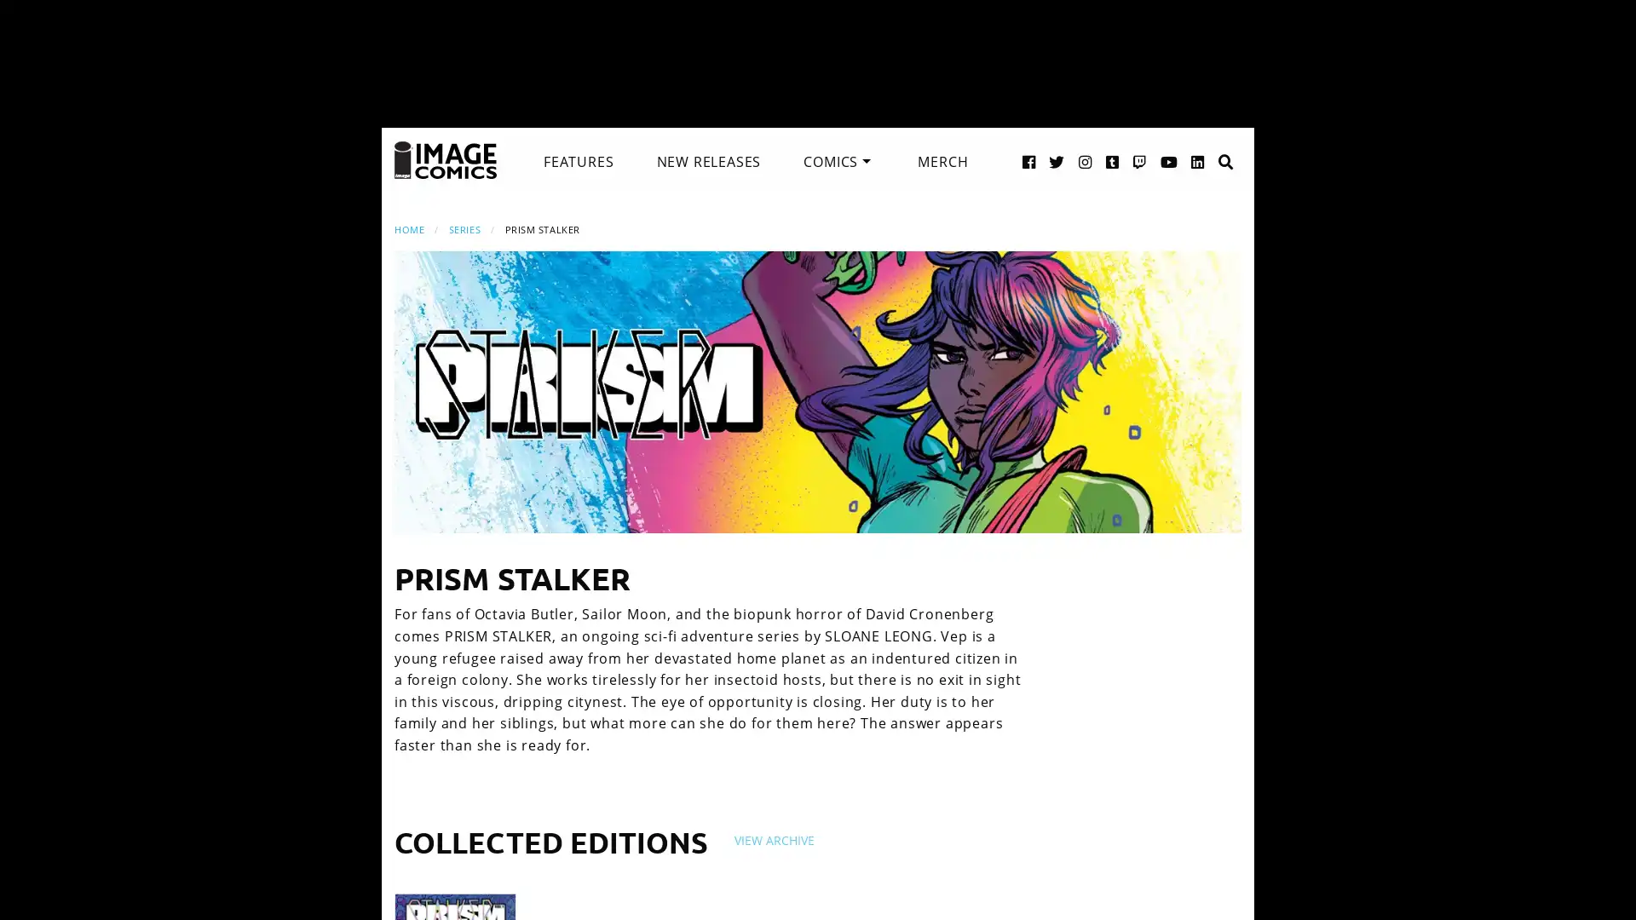 The width and height of the screenshot is (1636, 920). Describe the element at coordinates (1207, 143) in the screenshot. I see `Search` at that location.